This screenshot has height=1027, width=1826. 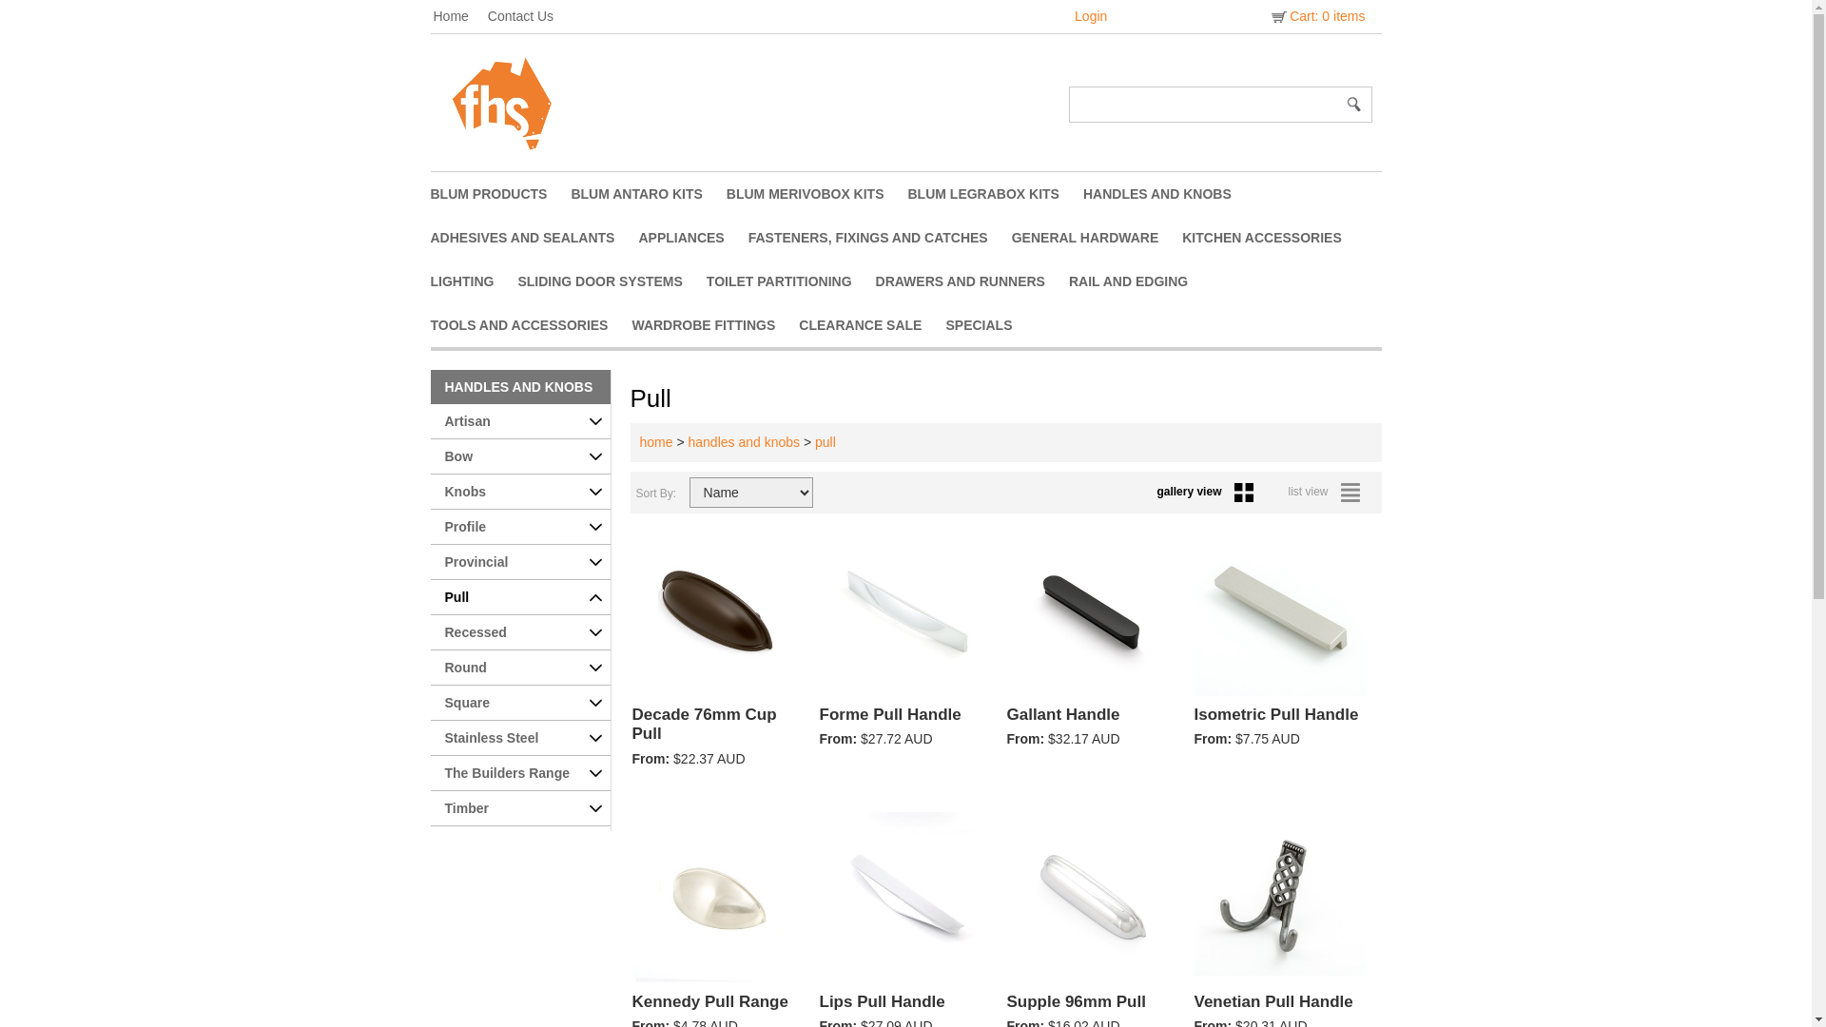 What do you see at coordinates (989, 324) in the screenshot?
I see `'SPECIALS'` at bounding box center [989, 324].